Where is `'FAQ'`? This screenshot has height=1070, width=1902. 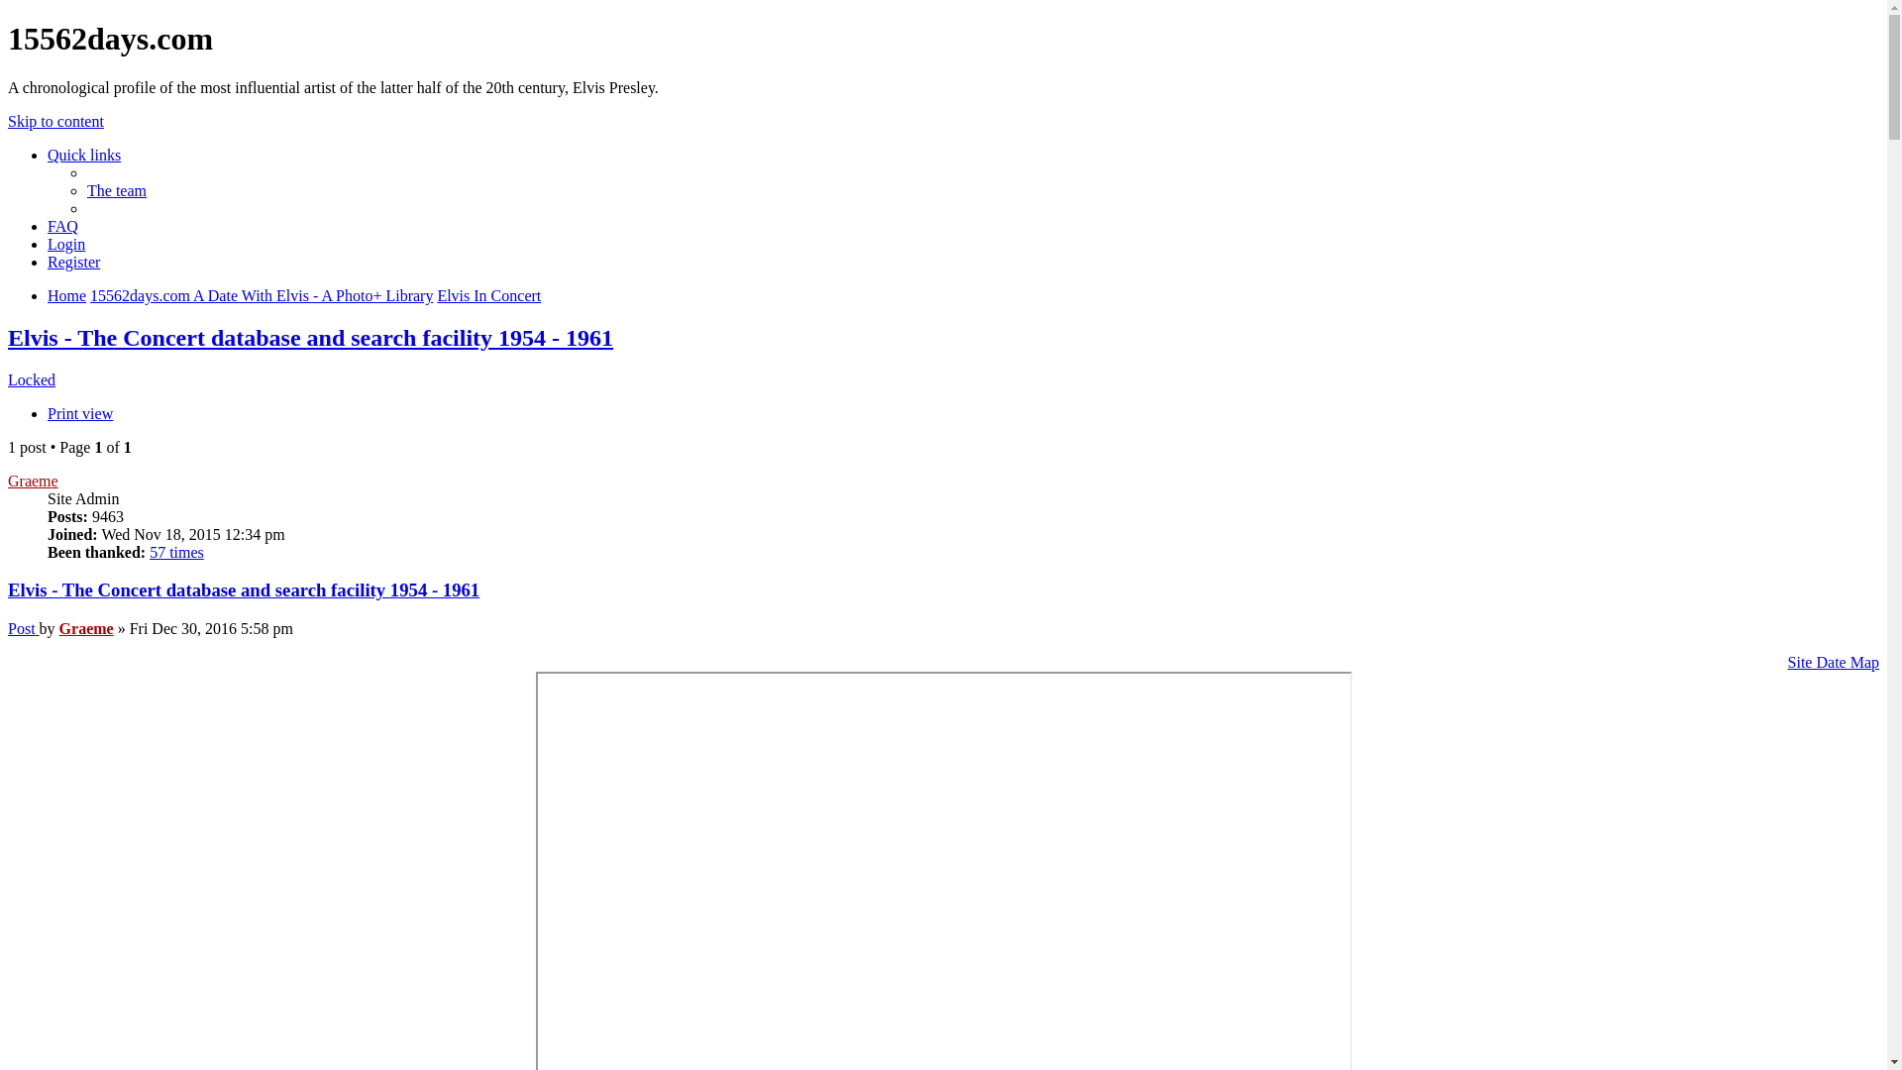 'FAQ' is located at coordinates (62, 225).